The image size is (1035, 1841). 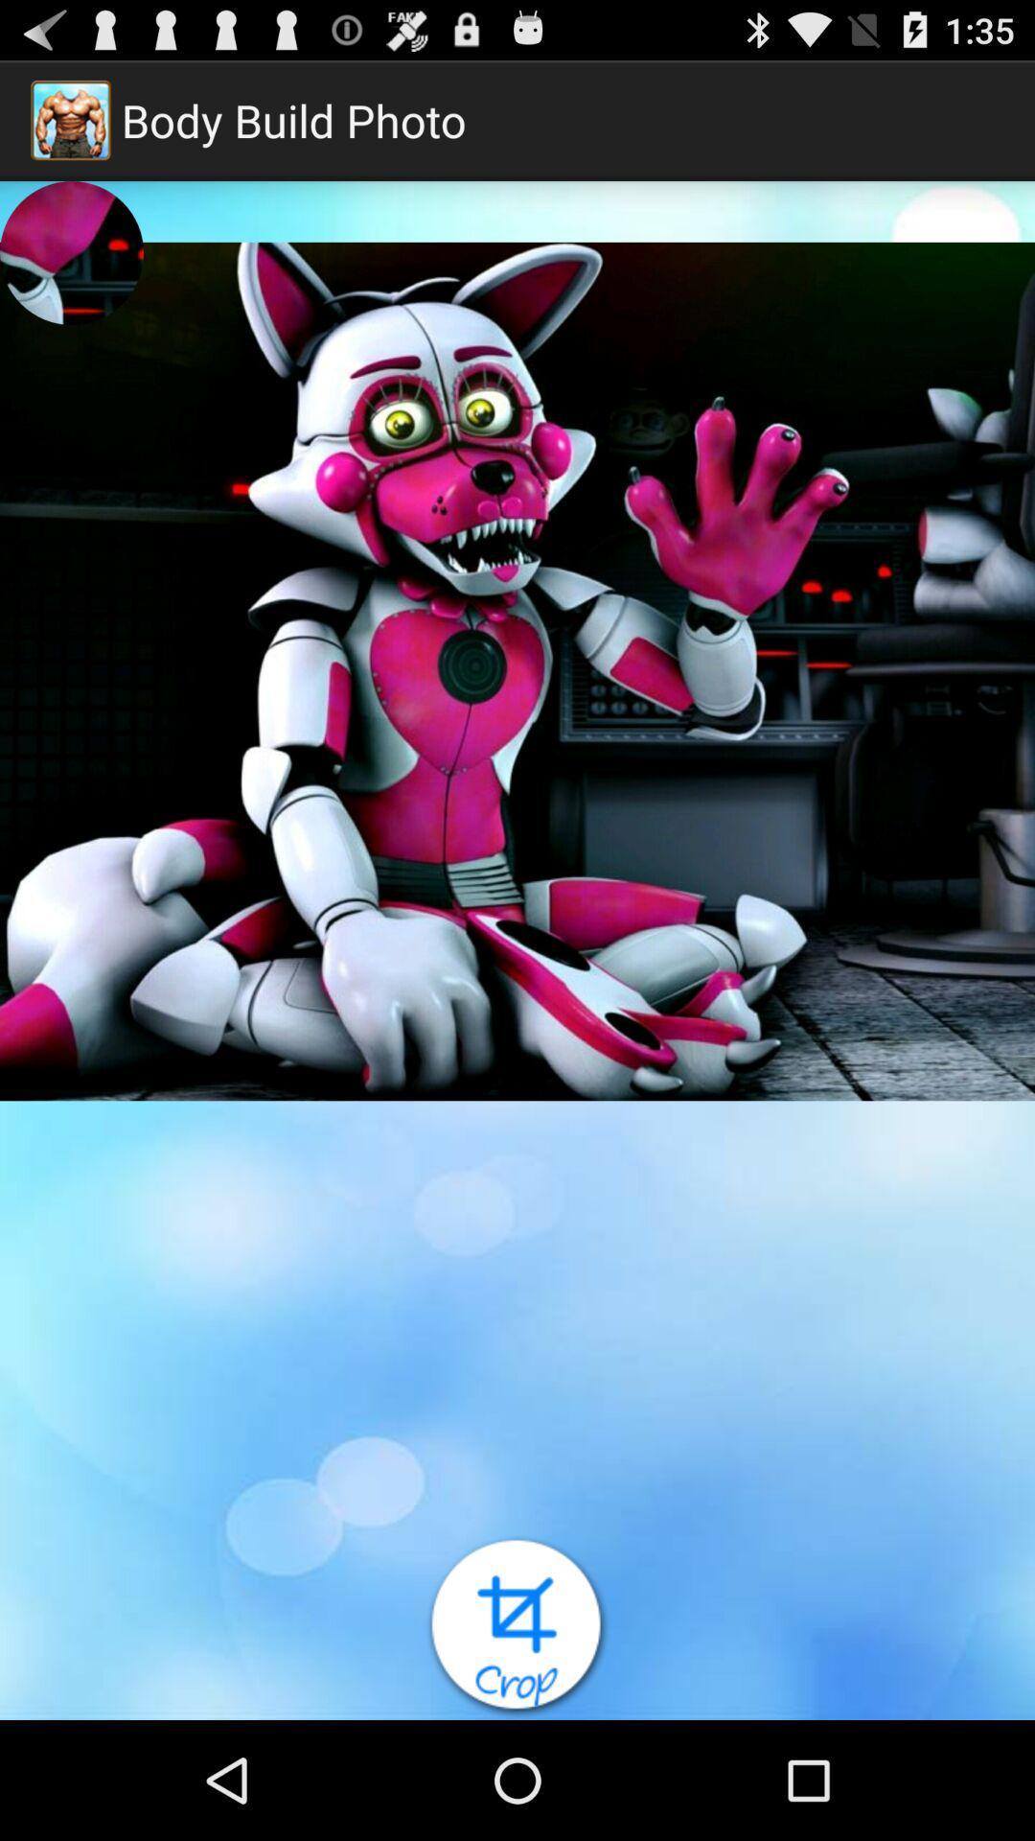 What do you see at coordinates (517, 1626) in the screenshot?
I see `the icon at the bottom` at bounding box center [517, 1626].